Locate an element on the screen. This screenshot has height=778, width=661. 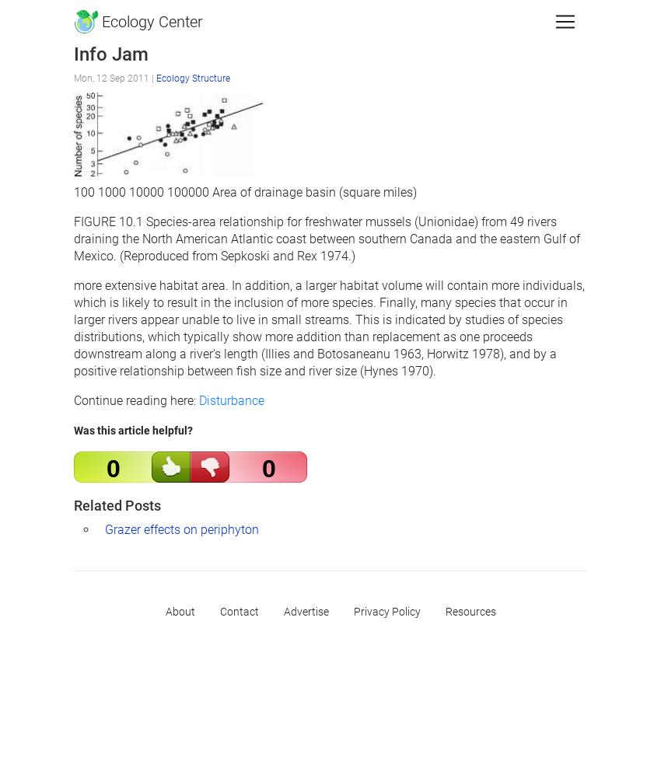
'more extensive habitat area. In addition, a larger habitat volume will contain more individuals, which is likely to result in the inclusion of more species. Finally, many species that occur in larger rivers appear unable to live in small streams. This is indicated by studies of species distributions, which typically show more addition than replacement as one proceeds downstream along a river's length (Illies and Botosaneanu 1963, Horwitz 1978), and by a positive relationship between fish size and river size (Hynes 1970).' is located at coordinates (329, 327).